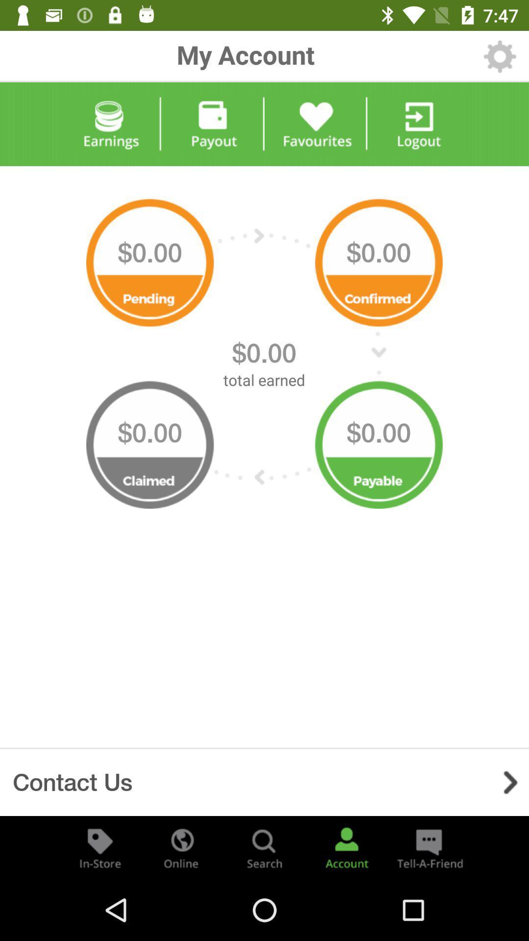 This screenshot has width=529, height=941. Describe the element at coordinates (500, 56) in the screenshot. I see `settings option` at that location.